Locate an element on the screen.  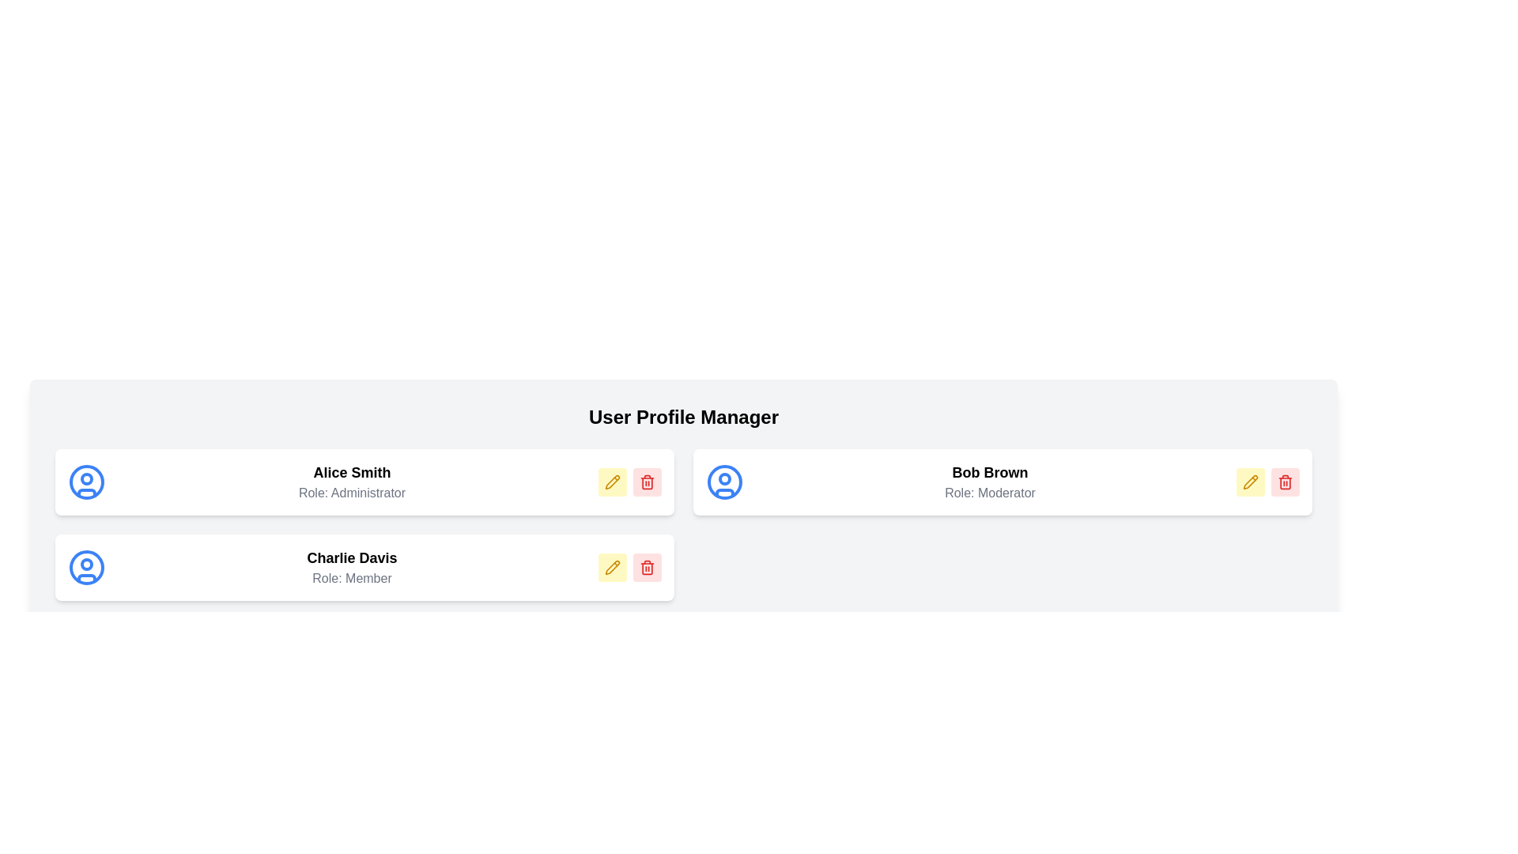
the inner smaller circle within the user profile icon, located on the right-hand side of the second row in the displayed user list is located at coordinates (723, 478).